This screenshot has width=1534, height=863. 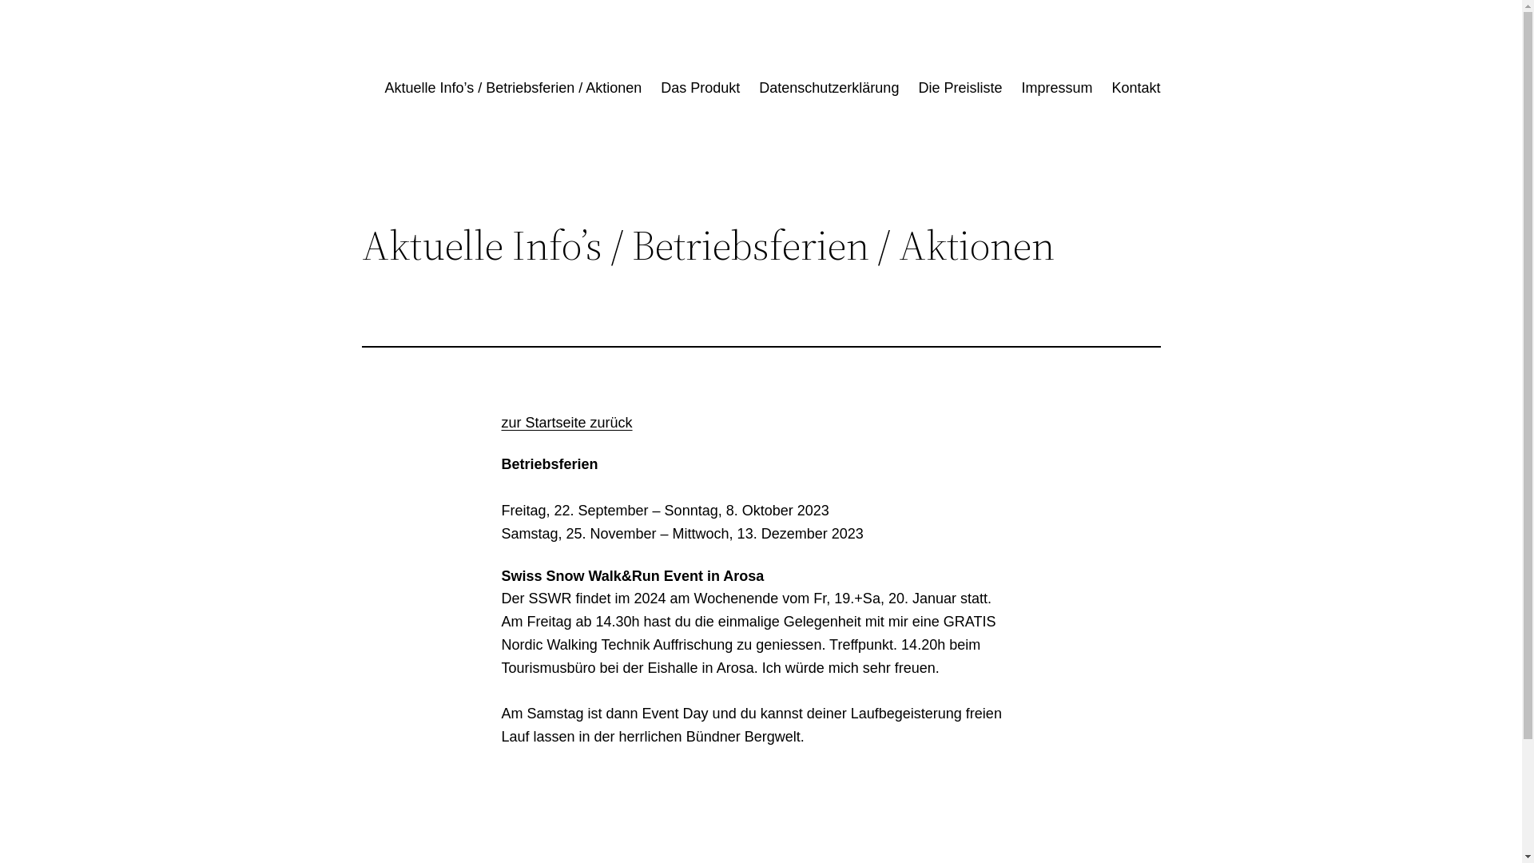 I want to click on 'Kontakt', so click(x=1135, y=88).